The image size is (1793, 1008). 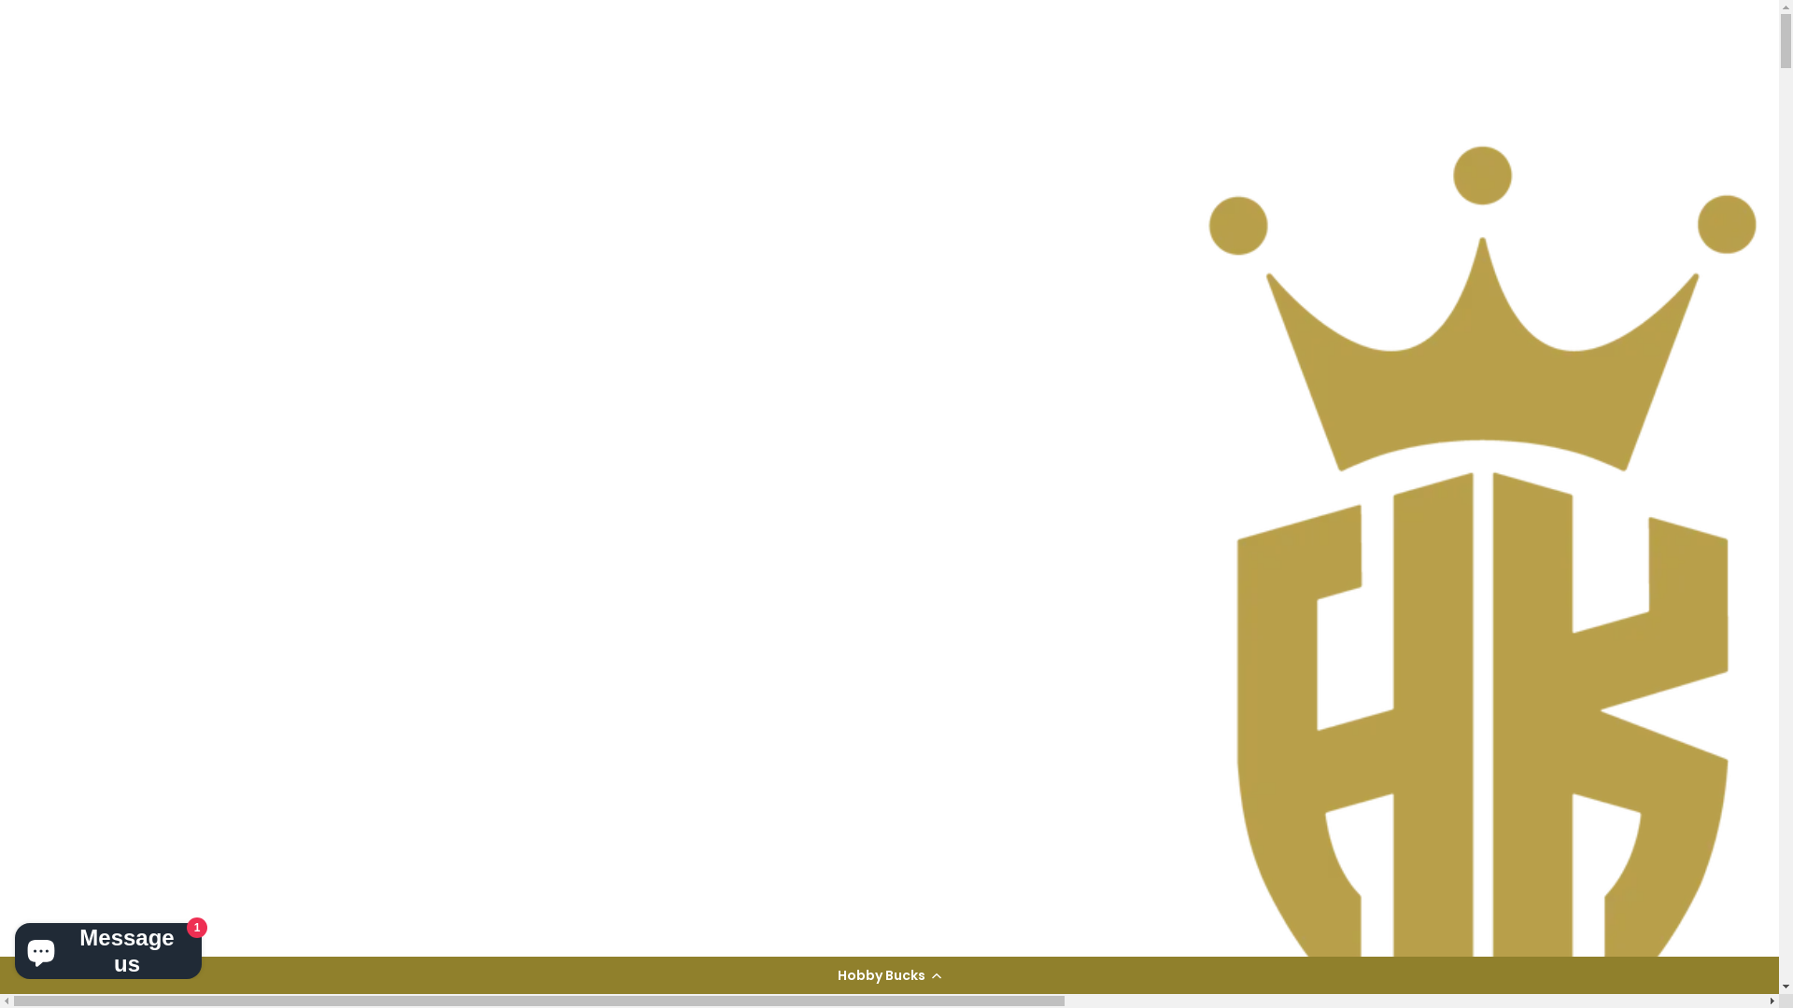 I want to click on 'Shopify online store chat', so click(x=106, y=946).